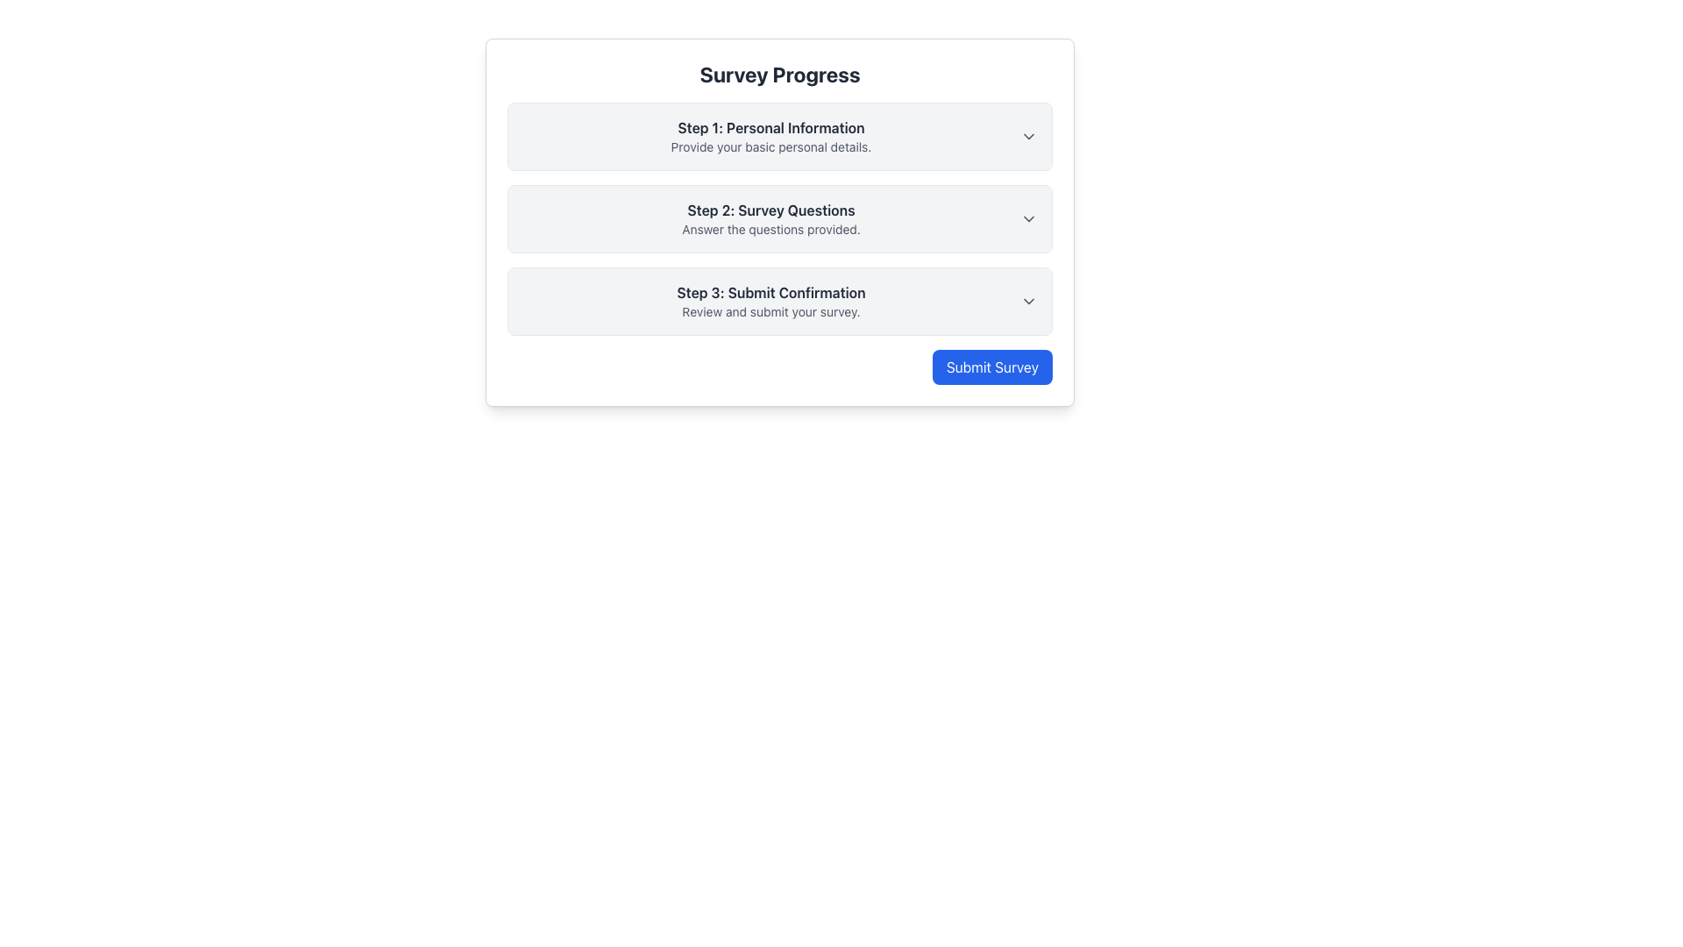  I want to click on the Collapsible Section Header labeled 'Step 1: Personal Information', so click(778, 135).